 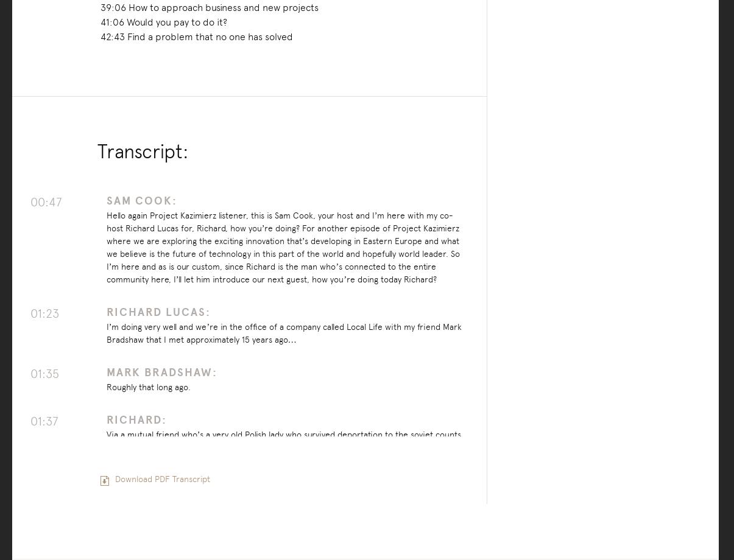 What do you see at coordinates (160, 371) in the screenshot?
I see `'mark bradshaw:'` at bounding box center [160, 371].